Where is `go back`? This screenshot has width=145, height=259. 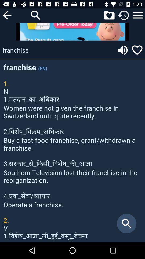
go back is located at coordinates (7, 15).